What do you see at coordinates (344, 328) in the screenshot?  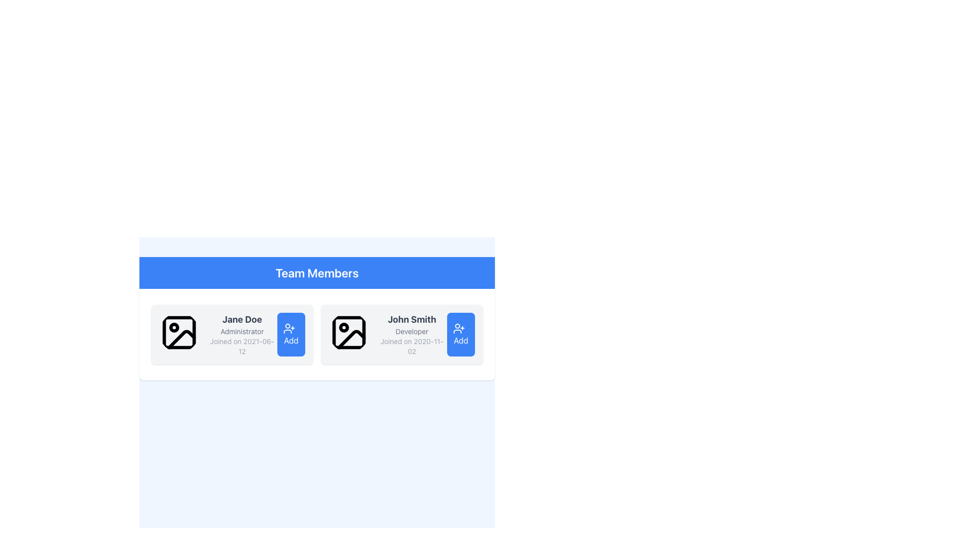 I see `the second Circle (SVG Element) located centrally inside the placeholder icon for 'John Smith' in the team members section` at bounding box center [344, 328].